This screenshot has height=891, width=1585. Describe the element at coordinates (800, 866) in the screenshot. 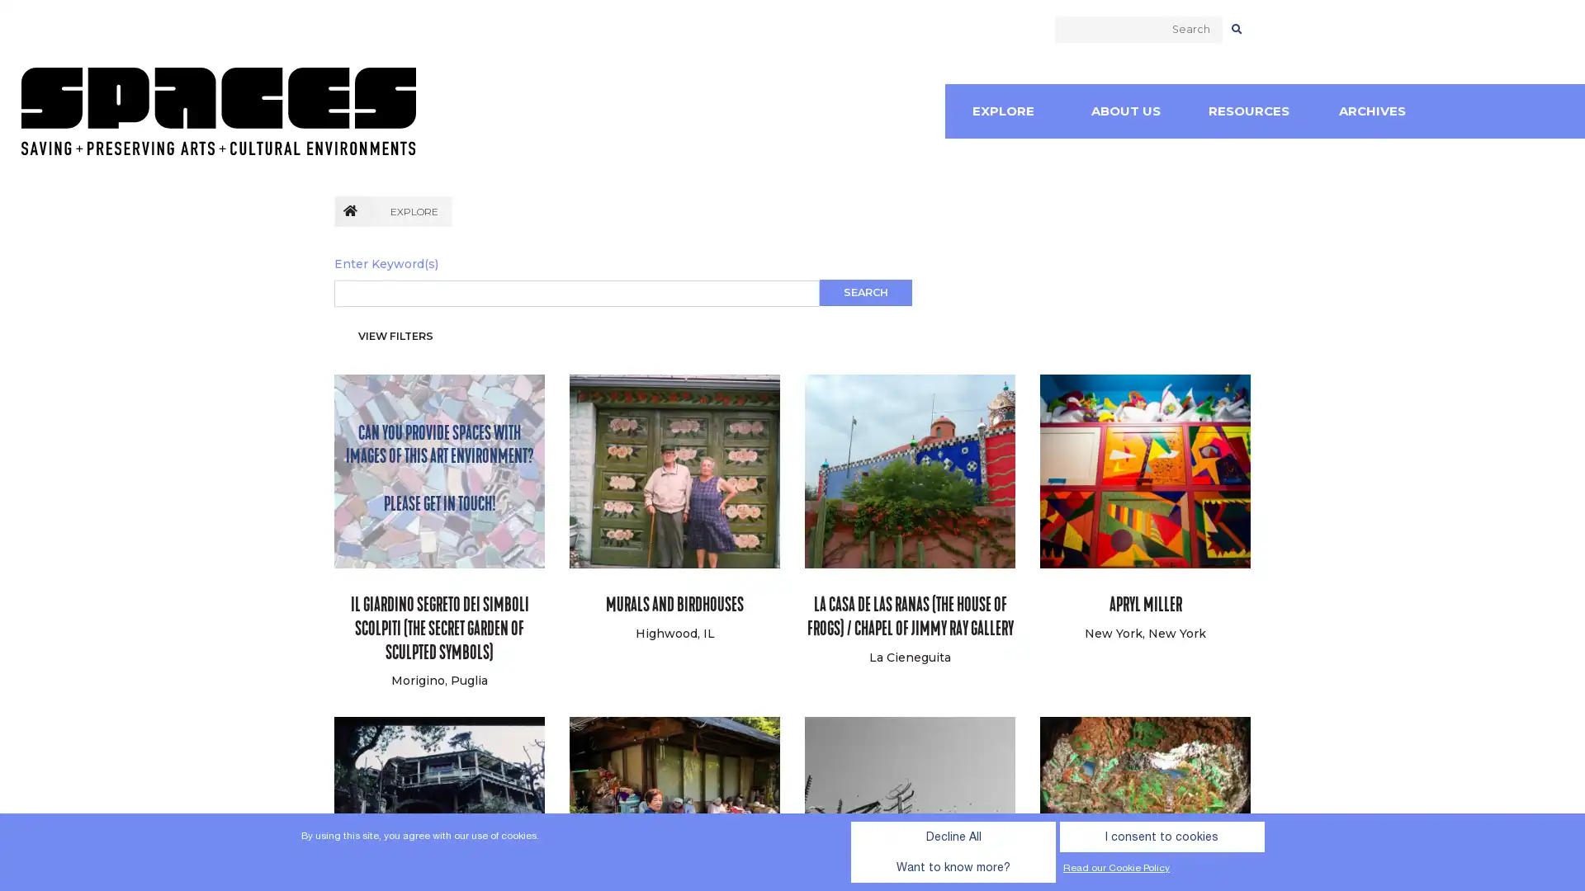

I see `Decline All` at that location.